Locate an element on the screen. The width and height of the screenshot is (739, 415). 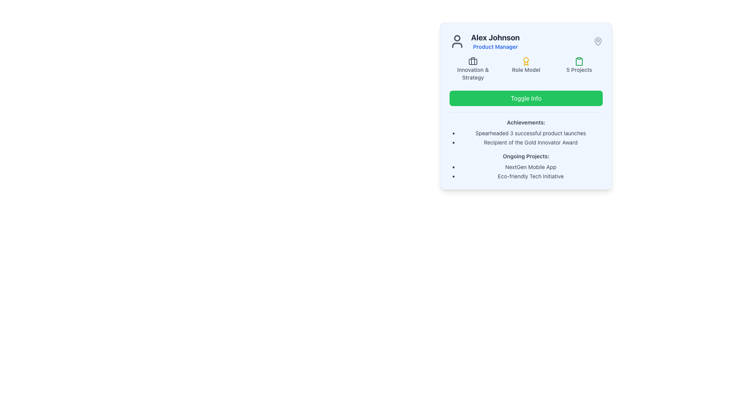
the text label that displays the count or status of projects, located below the green clipboard icon in the vertical stack of elements within the feature card is located at coordinates (579, 70).